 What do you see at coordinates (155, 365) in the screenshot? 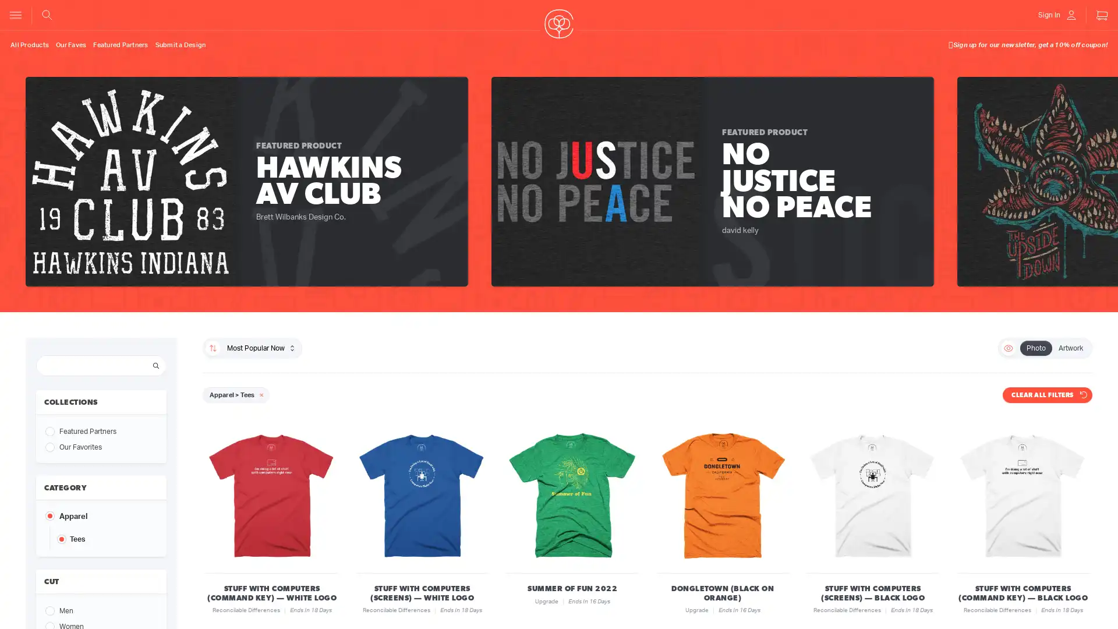
I see `Search` at bounding box center [155, 365].